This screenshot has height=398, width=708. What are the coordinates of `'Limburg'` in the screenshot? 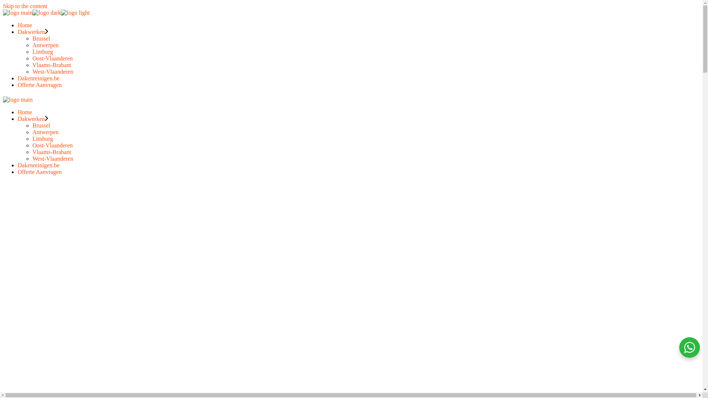 It's located at (42, 139).